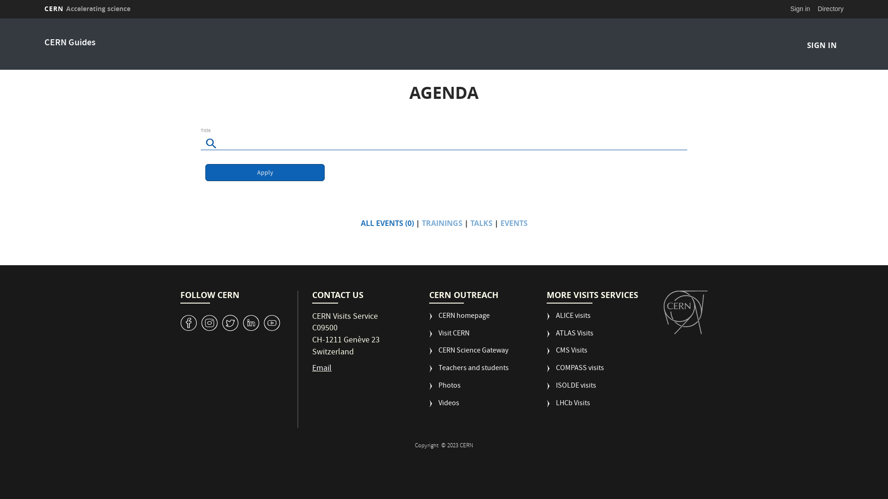 This screenshot has width=888, height=499. What do you see at coordinates (569, 338) in the screenshot?
I see `'ATLAS Visits'` at bounding box center [569, 338].